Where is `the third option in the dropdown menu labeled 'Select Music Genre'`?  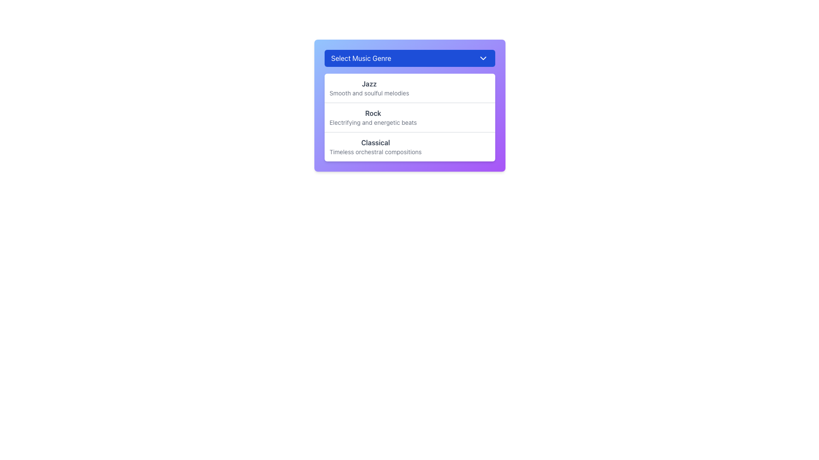
the third option in the dropdown menu labeled 'Select Music Genre' is located at coordinates (375, 146).